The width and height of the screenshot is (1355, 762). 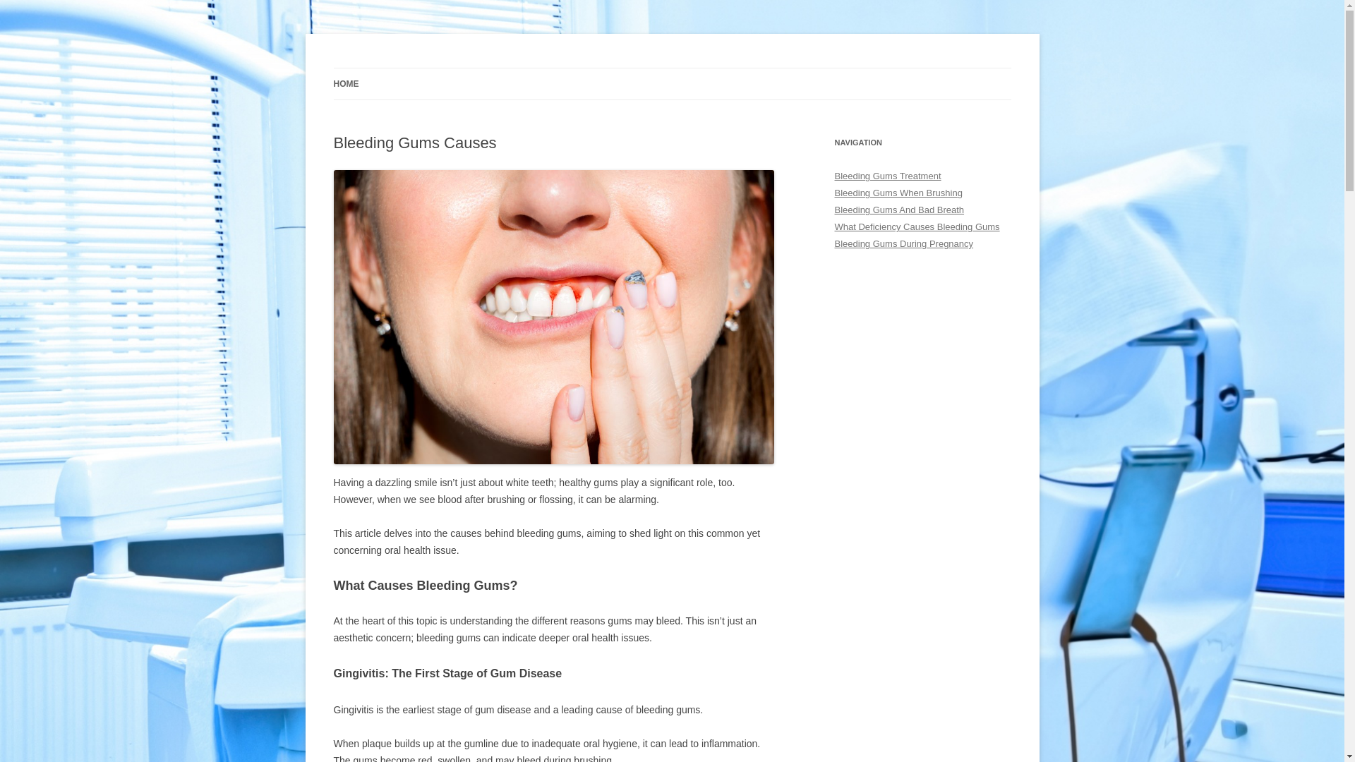 I want to click on 'Bleeding Gums When Brushing', so click(x=897, y=193).